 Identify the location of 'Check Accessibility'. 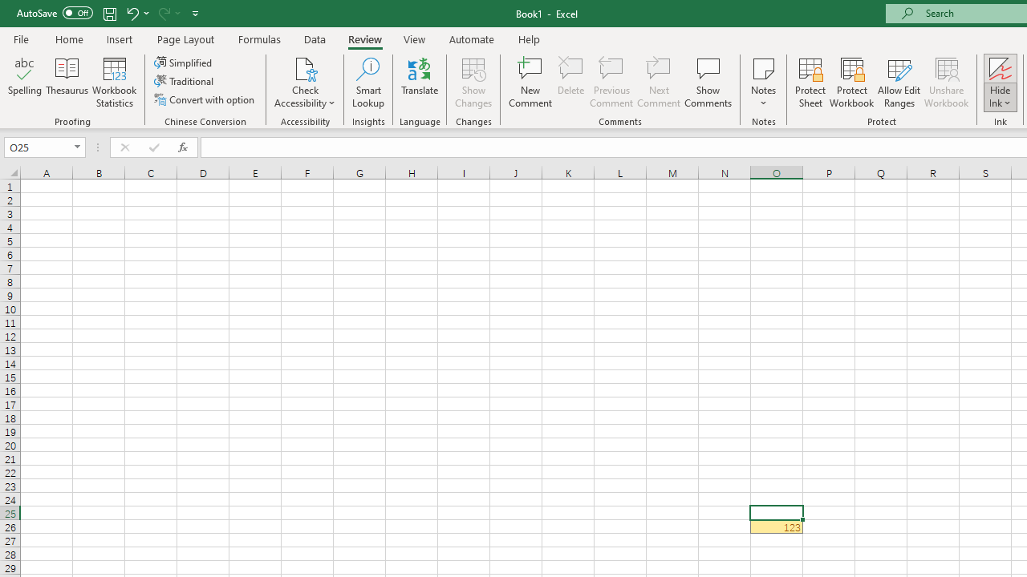
(305, 67).